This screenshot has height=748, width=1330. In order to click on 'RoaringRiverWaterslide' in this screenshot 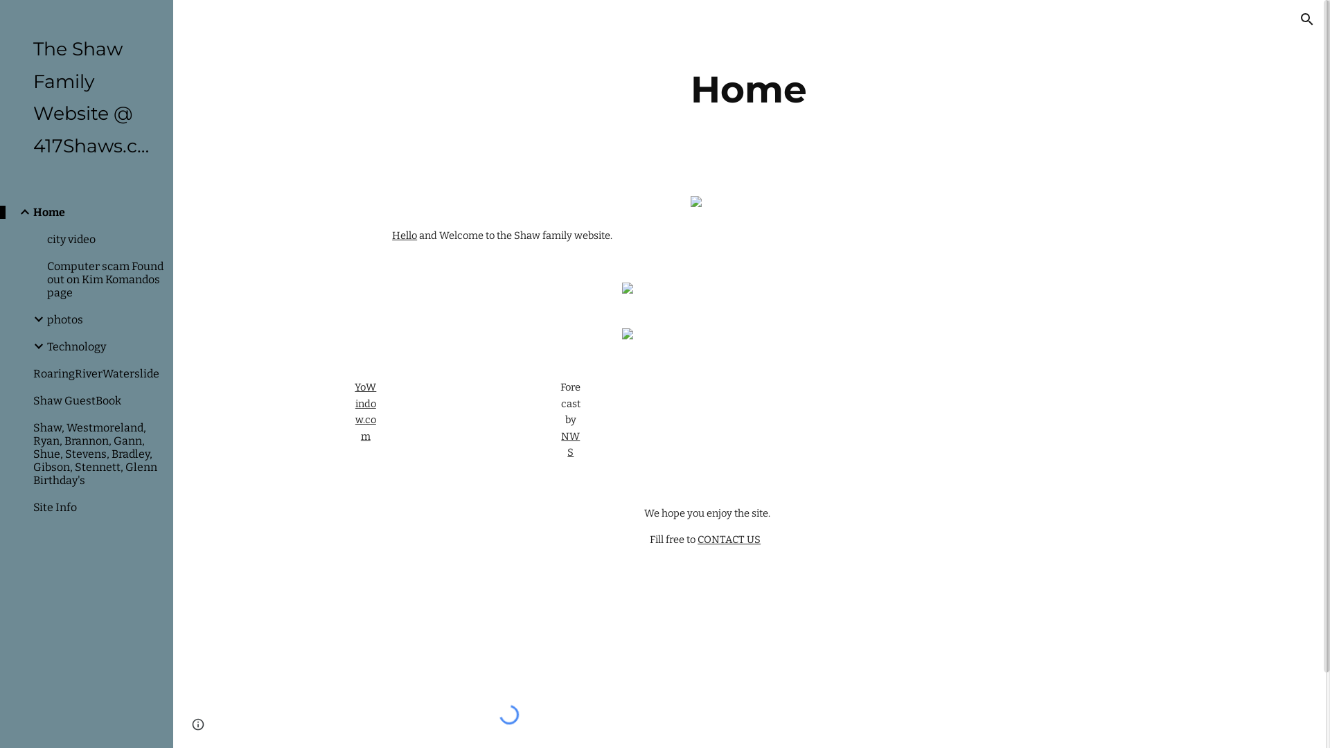, I will do `click(96, 373)`.